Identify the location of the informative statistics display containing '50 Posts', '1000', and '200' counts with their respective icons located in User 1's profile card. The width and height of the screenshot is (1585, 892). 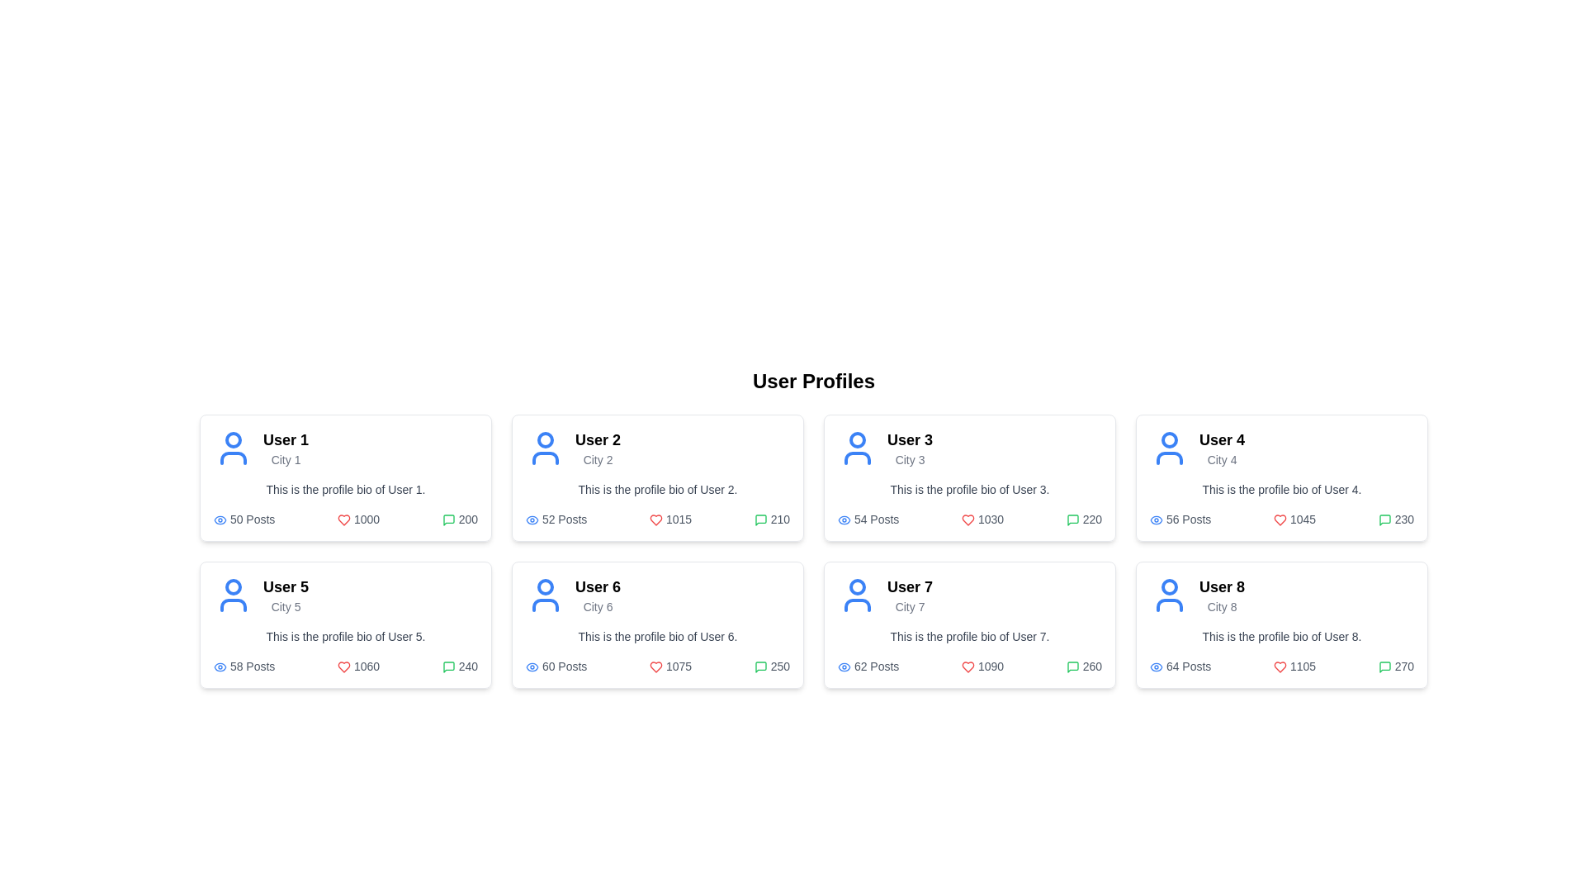
(344, 518).